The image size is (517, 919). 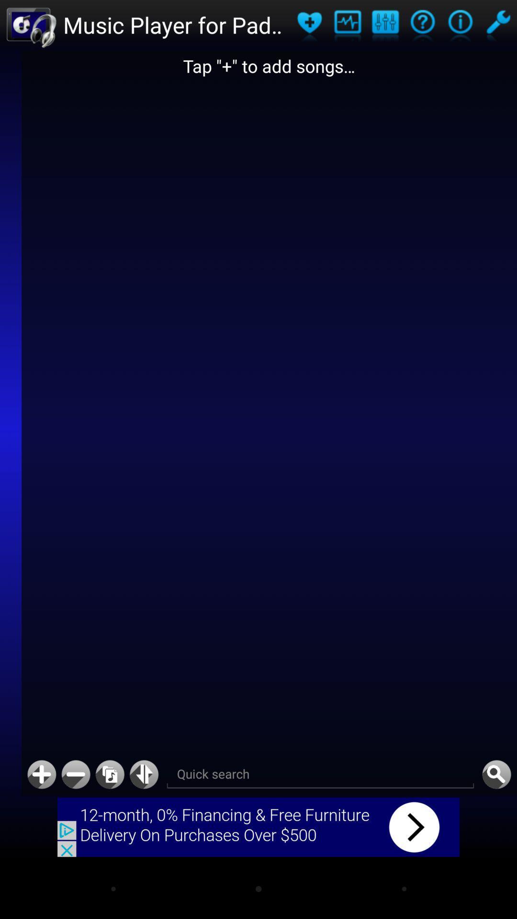 What do you see at coordinates (144, 828) in the screenshot?
I see `the swap icon` at bounding box center [144, 828].